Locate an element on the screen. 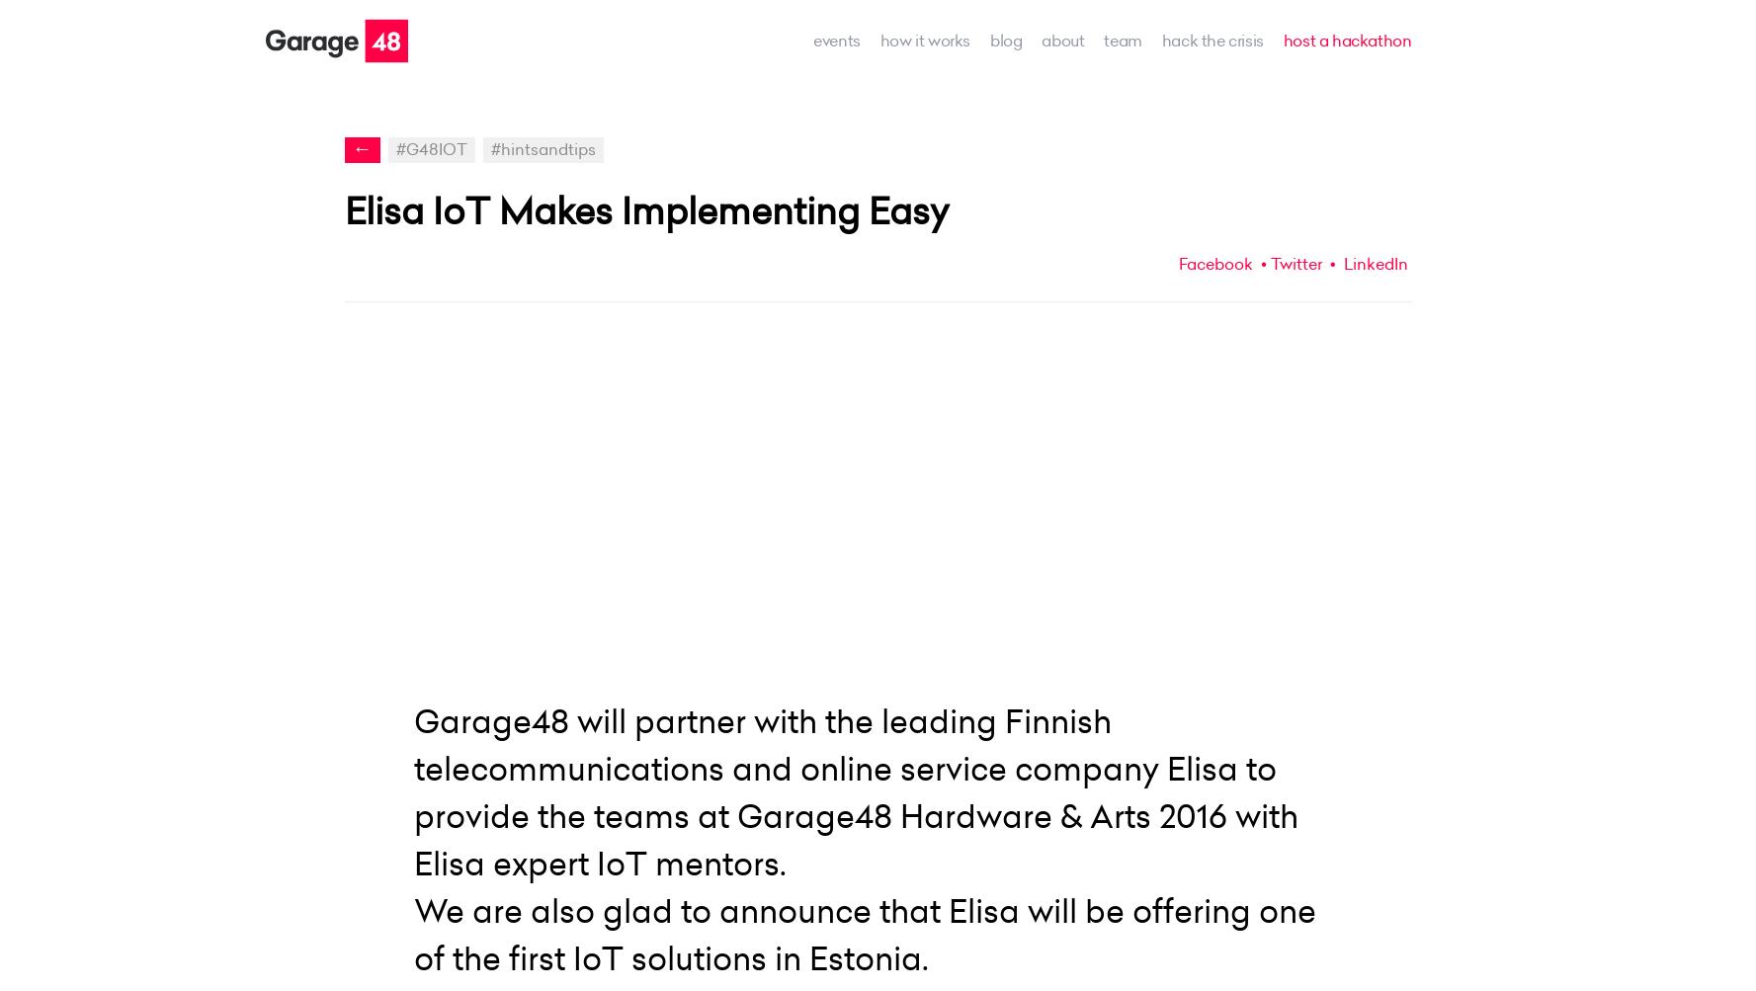  '#hintsandtips' is located at coordinates (541, 147).